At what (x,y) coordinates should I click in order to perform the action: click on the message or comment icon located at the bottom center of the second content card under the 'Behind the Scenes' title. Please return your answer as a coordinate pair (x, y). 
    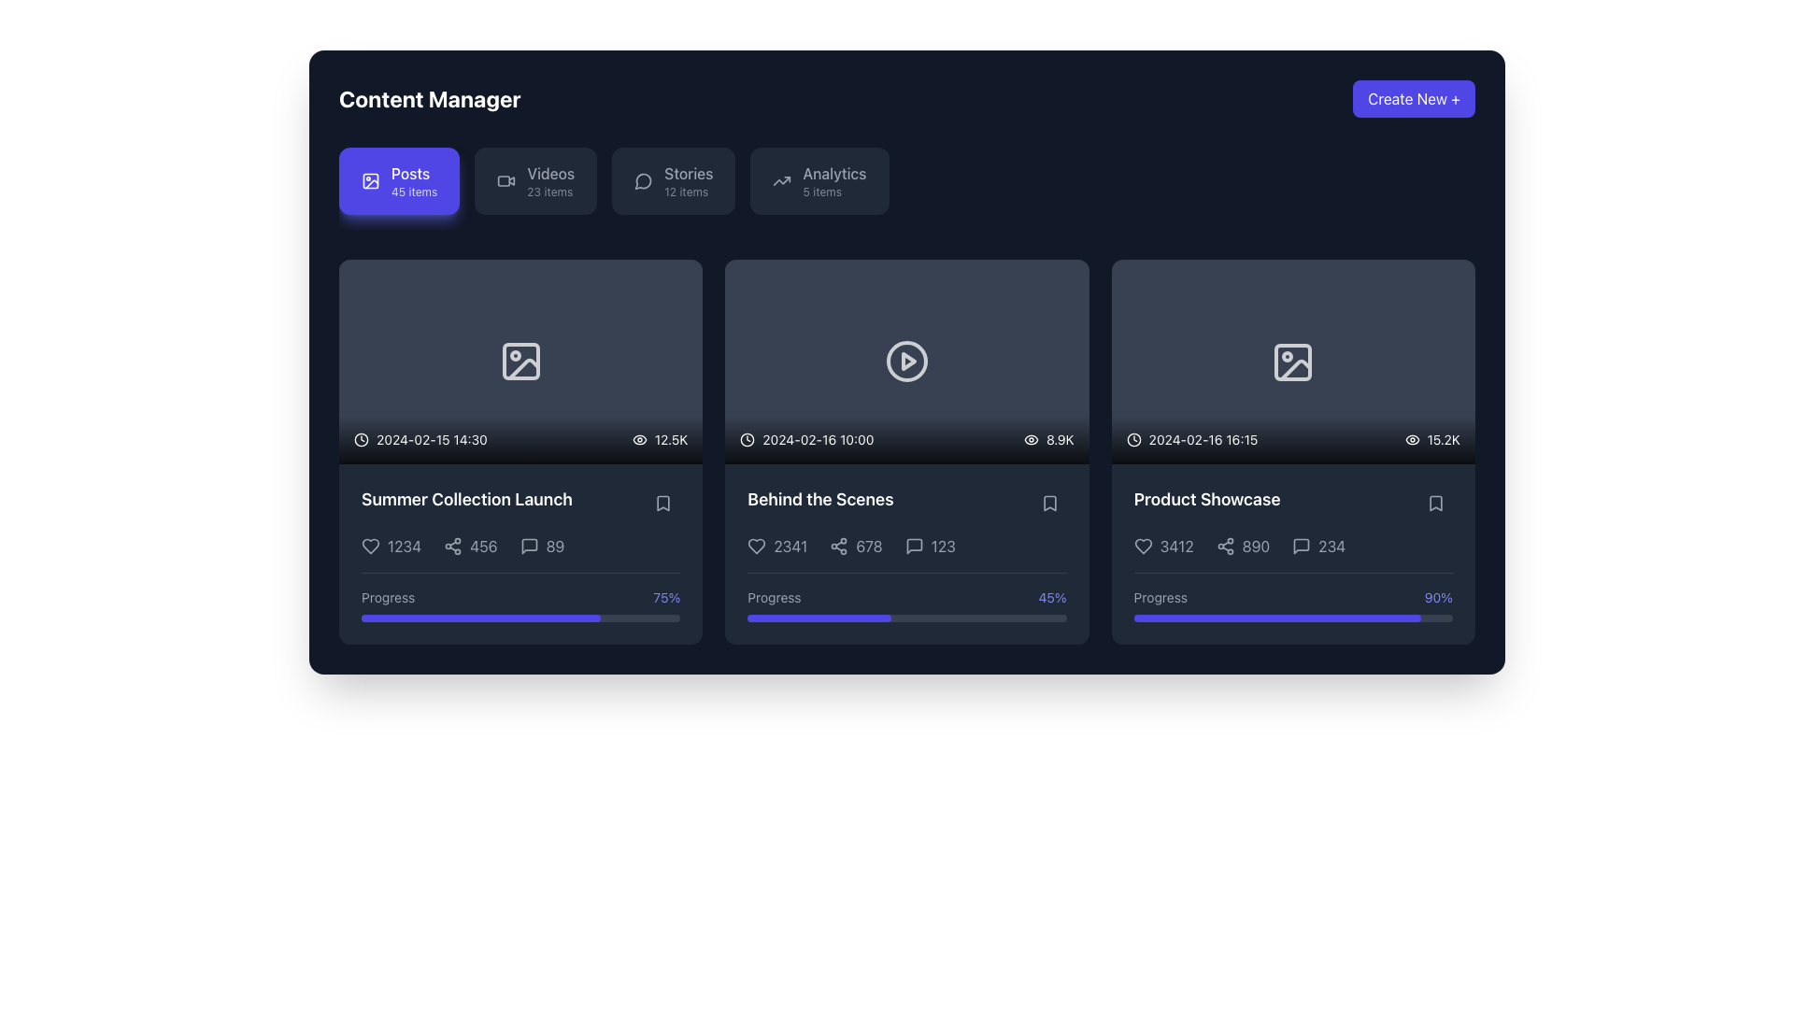
    Looking at the image, I should click on (914, 546).